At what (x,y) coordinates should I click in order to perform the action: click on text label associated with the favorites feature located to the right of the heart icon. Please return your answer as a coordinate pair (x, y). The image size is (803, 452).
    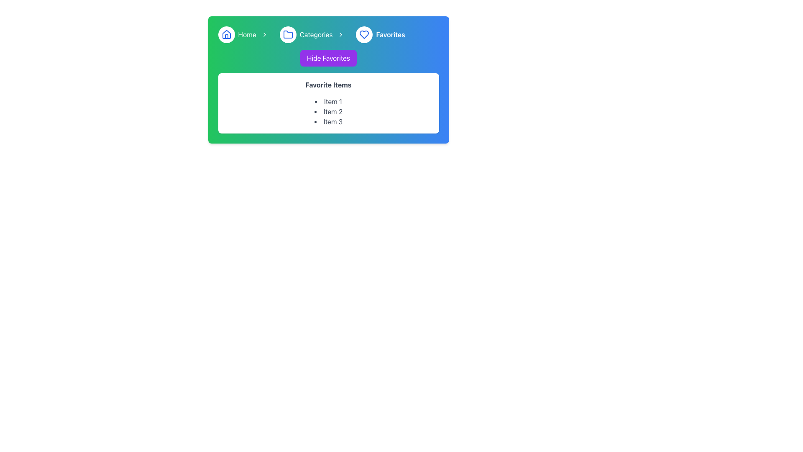
    Looking at the image, I should click on (390, 34).